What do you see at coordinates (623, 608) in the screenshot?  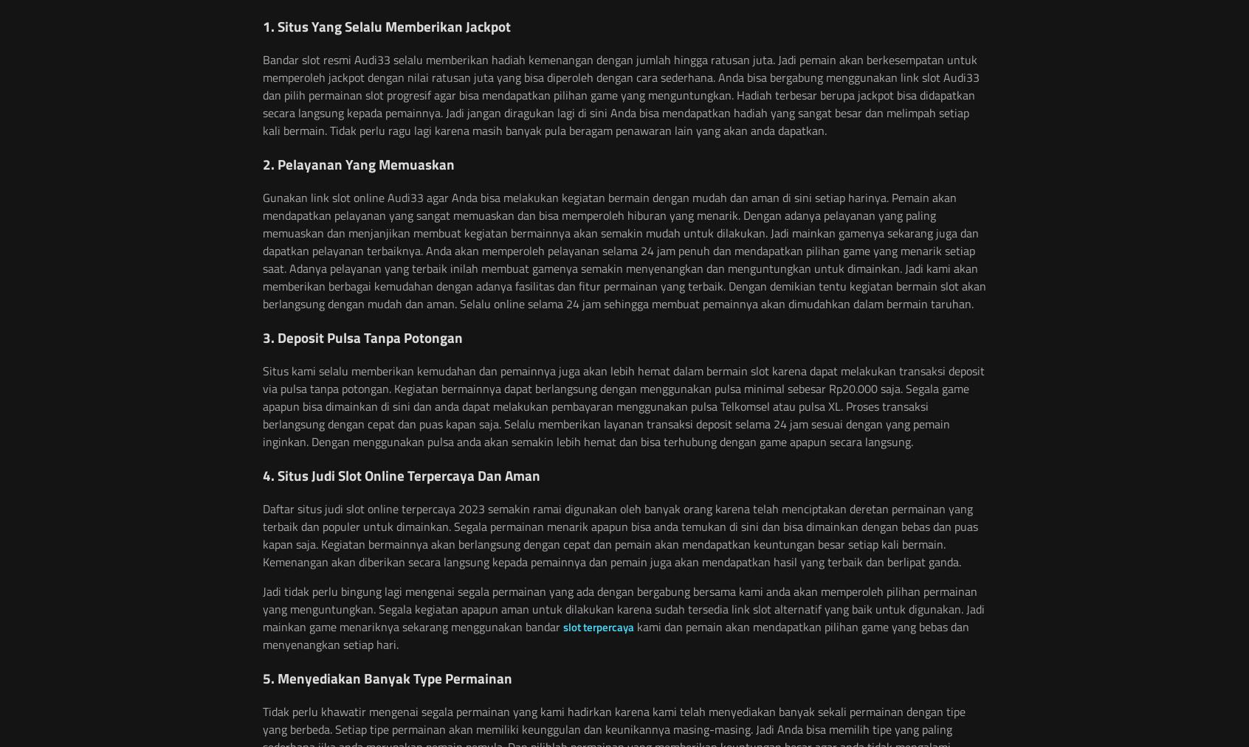 I see `'Jadi tidak perlu bingung lagi mengenai segala permainan yang ada dengan bergabung bersama kami anda akan memperoleh pilihan permainan yang menguntungkan. Segala kegiatan apapun aman untuk dilakukan karena sudah tersedia link slot alternatif yang baik untuk digunakan. Jadi mainkan game menariknya sekarang menggunakan bandar'` at bounding box center [623, 608].